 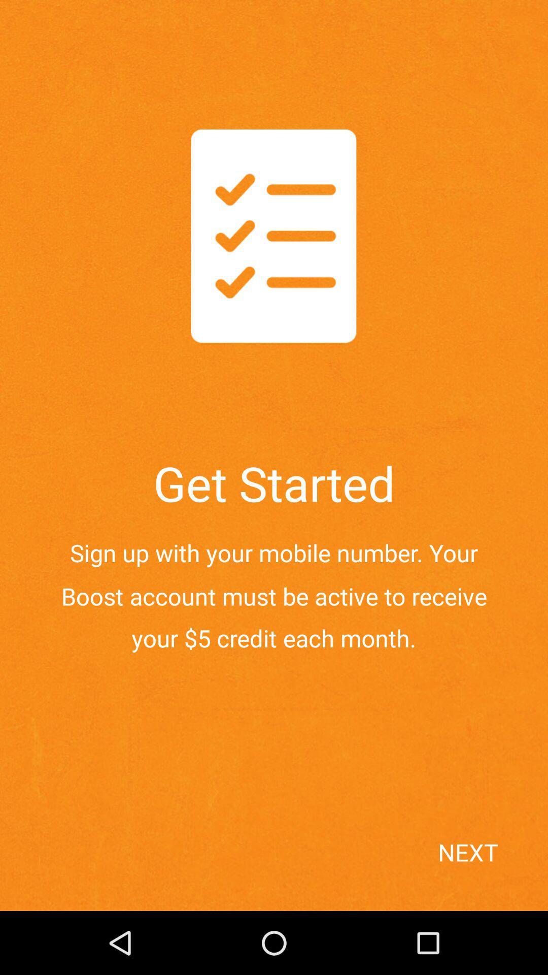 What do you see at coordinates (489, 870) in the screenshot?
I see `next icon` at bounding box center [489, 870].